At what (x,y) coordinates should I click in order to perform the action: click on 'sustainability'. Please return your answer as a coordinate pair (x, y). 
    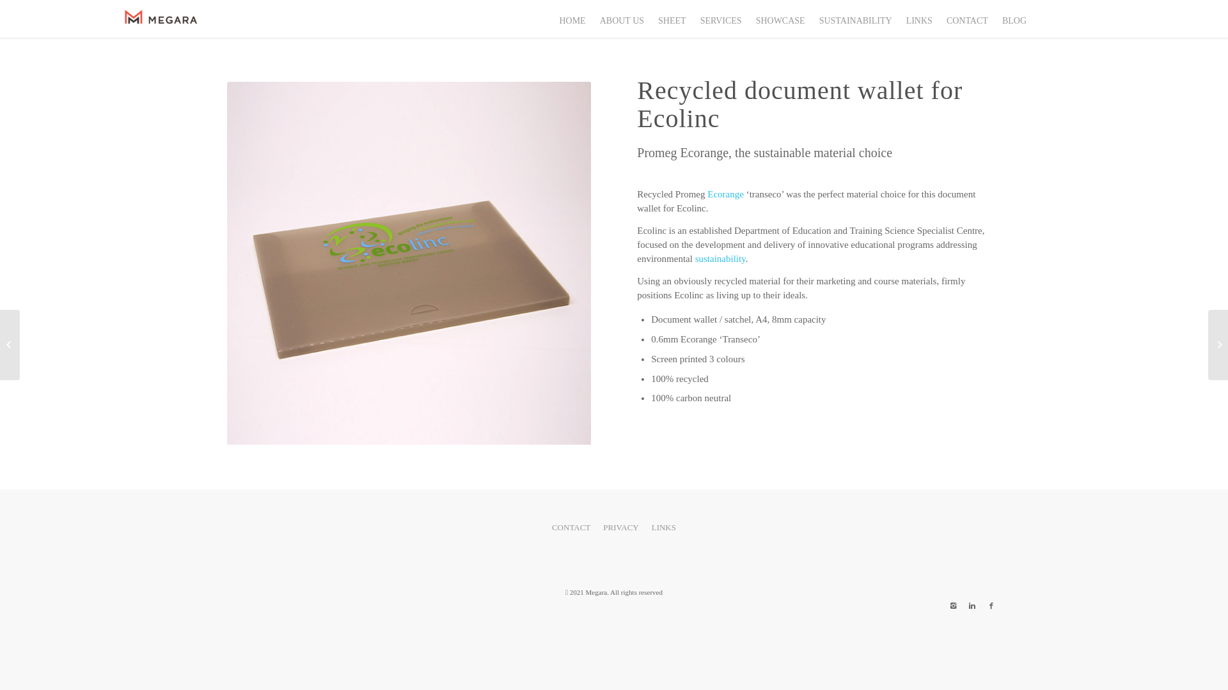
    Looking at the image, I should click on (720, 259).